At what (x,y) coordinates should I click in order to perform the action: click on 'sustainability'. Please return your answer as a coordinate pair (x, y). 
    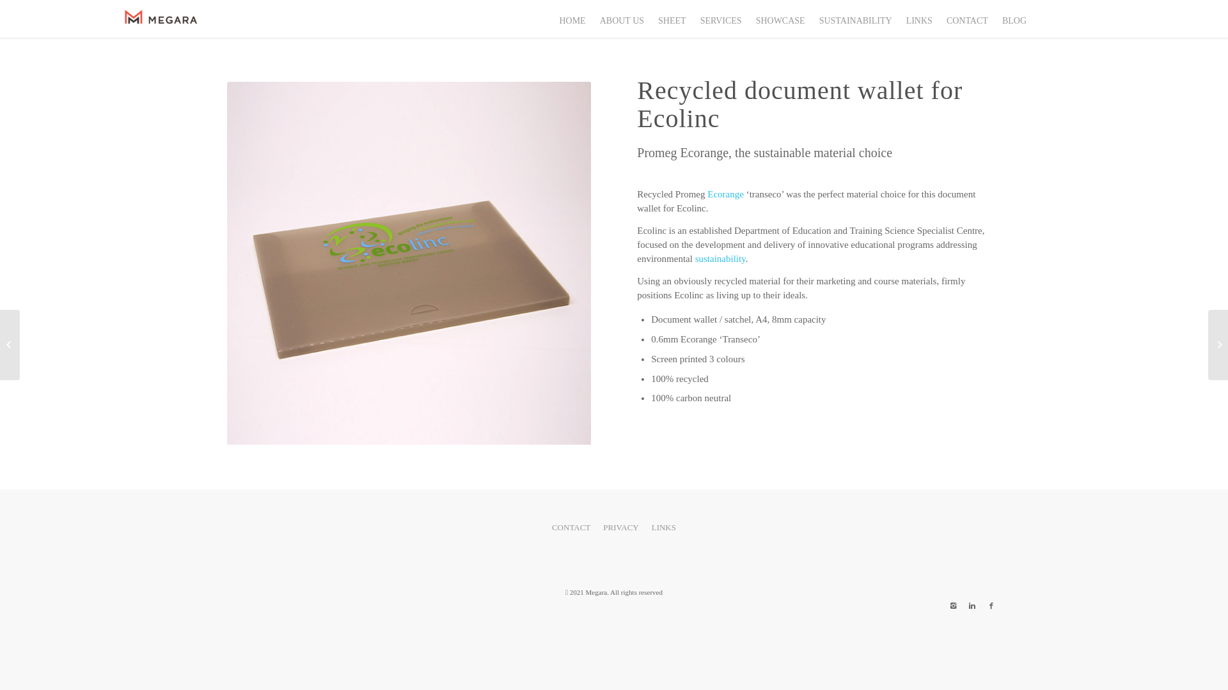
    Looking at the image, I should click on (720, 259).